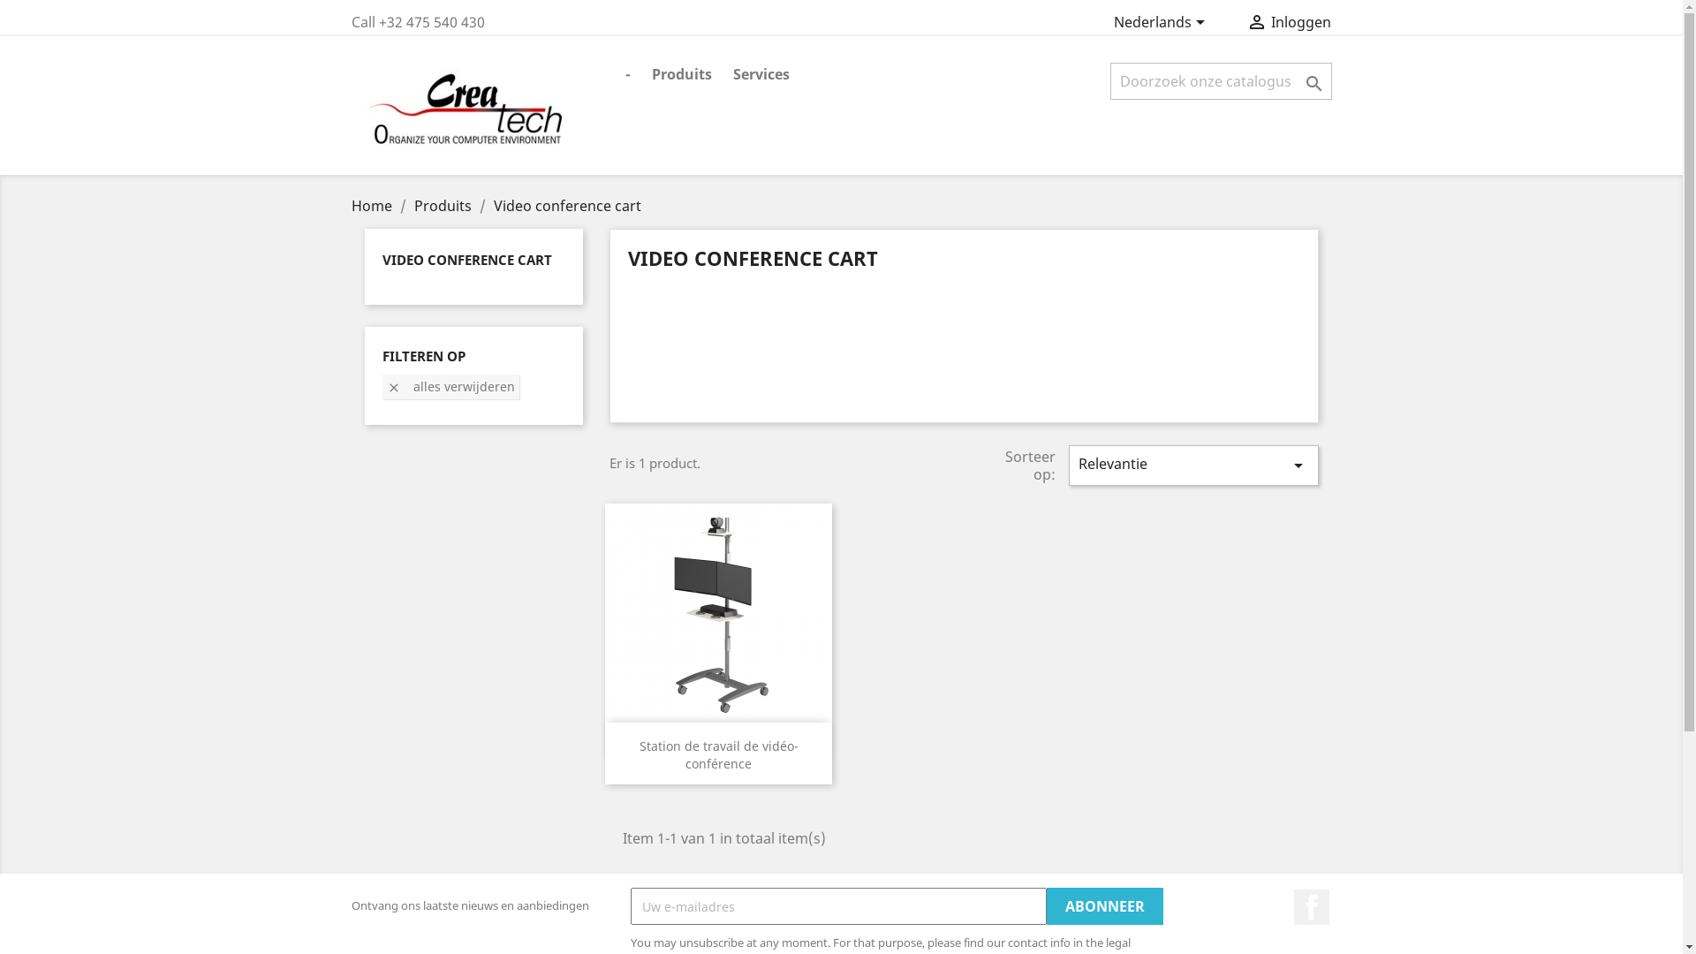  Describe the element at coordinates (1104, 906) in the screenshot. I see `'Abonneer'` at that location.